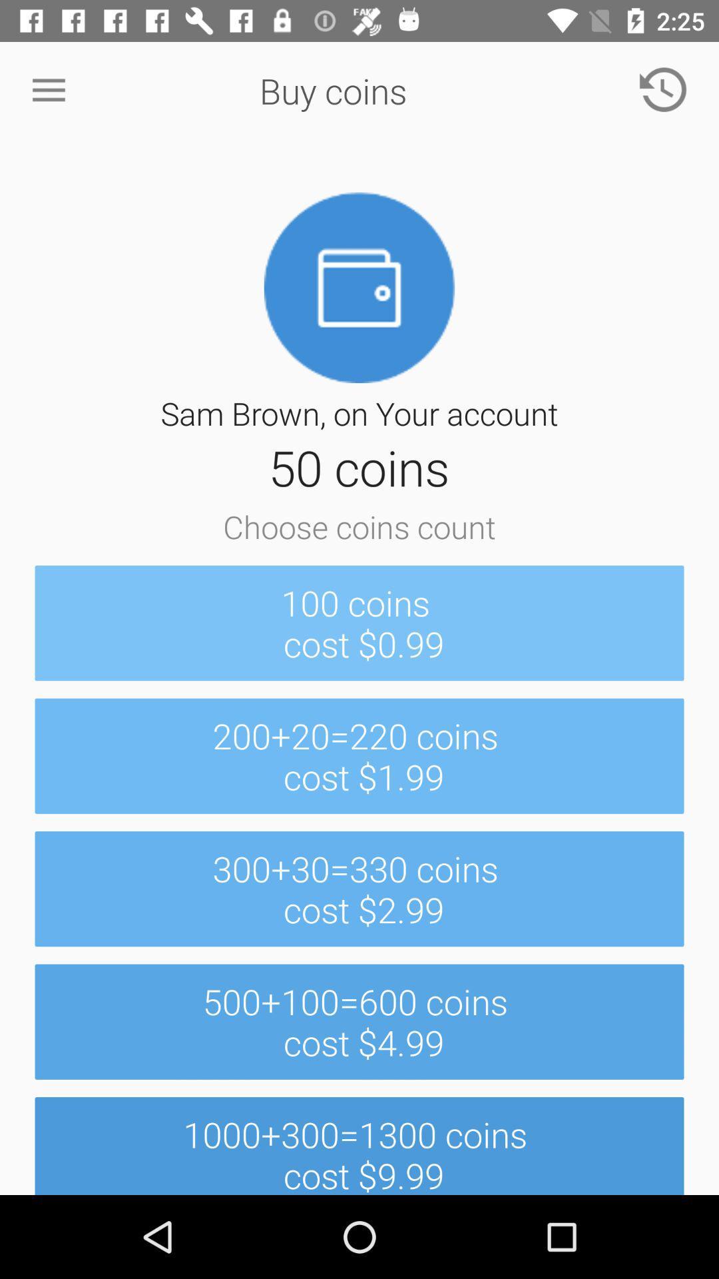 This screenshot has height=1279, width=719. I want to click on 1000 300 1300, so click(359, 1145).